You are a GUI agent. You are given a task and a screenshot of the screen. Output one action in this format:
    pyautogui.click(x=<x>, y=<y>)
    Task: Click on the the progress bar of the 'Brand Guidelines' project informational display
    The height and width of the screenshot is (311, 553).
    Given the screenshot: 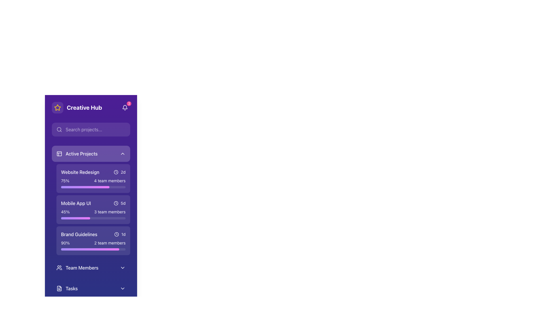 What is the action you would take?
    pyautogui.click(x=93, y=245)
    